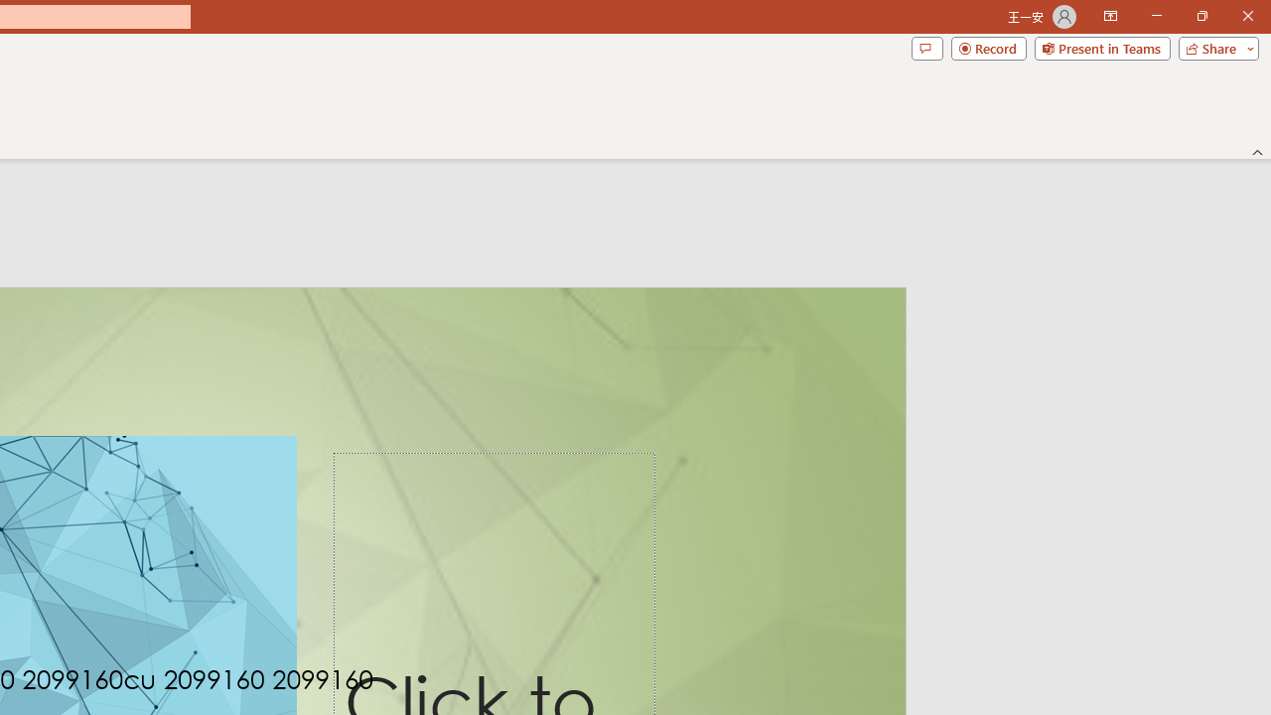 The image size is (1271, 715). I want to click on 'Ribbon Display Options', so click(1109, 16).